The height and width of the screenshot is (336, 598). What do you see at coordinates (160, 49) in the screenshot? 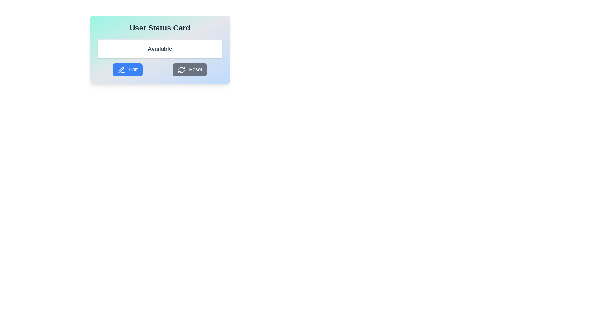
I see `the status indicator label located within the 'User Status Card', positioned above the 'Edit' and 'Reset' buttons` at bounding box center [160, 49].